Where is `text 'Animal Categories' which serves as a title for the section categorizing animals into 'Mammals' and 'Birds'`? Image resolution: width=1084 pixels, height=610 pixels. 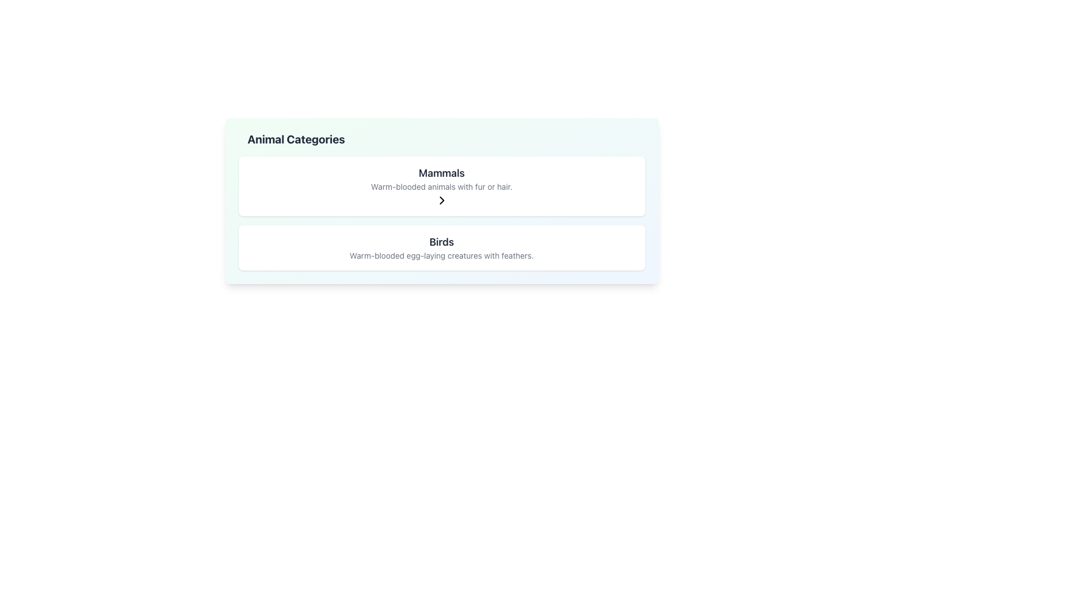 text 'Animal Categories' which serves as a title for the section categorizing animals into 'Mammals' and 'Birds' is located at coordinates (296, 138).